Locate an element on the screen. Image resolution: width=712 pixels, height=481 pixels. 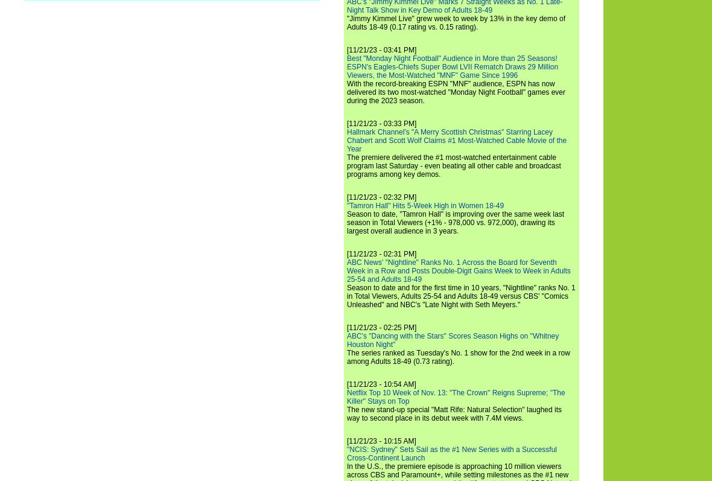
'[11/21/23 - 02:31 PM]' is located at coordinates (381, 253).